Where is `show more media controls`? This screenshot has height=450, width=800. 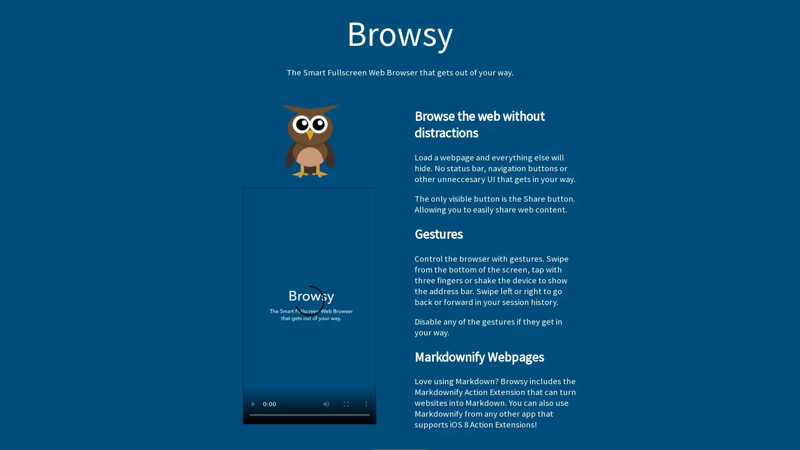 show more media controls is located at coordinates (366, 403).